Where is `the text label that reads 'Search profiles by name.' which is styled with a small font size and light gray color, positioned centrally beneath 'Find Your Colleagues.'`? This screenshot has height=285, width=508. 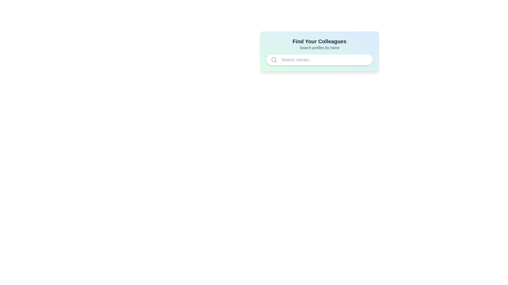 the text label that reads 'Search profiles by name.' which is styled with a small font size and light gray color, positioned centrally beneath 'Find Your Colleagues.' is located at coordinates (319, 48).